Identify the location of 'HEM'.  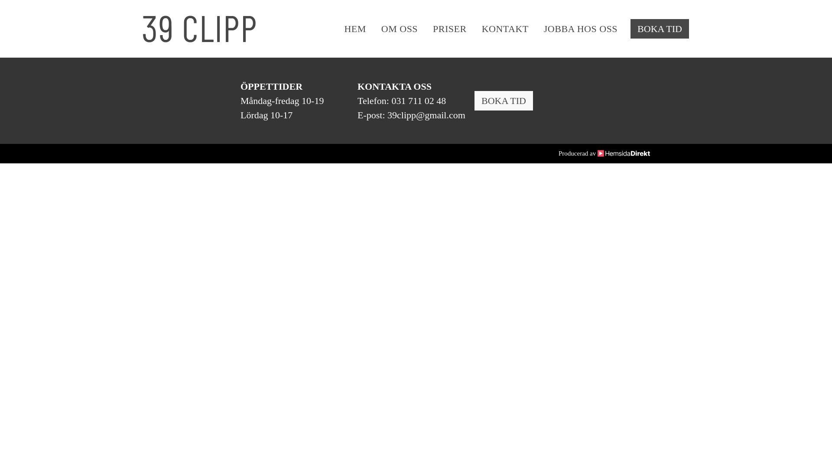
(347, 28).